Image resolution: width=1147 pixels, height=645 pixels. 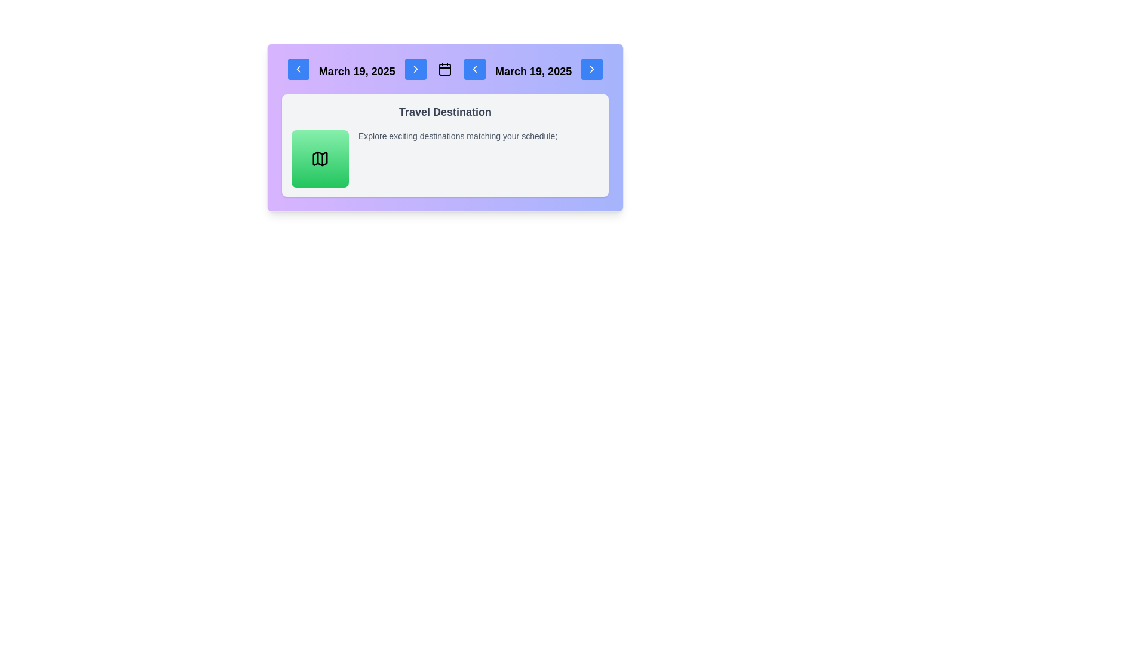 What do you see at coordinates (415, 69) in the screenshot?
I see `the Chevron Arrow icon located at the far right of the horizontal navigation bar` at bounding box center [415, 69].